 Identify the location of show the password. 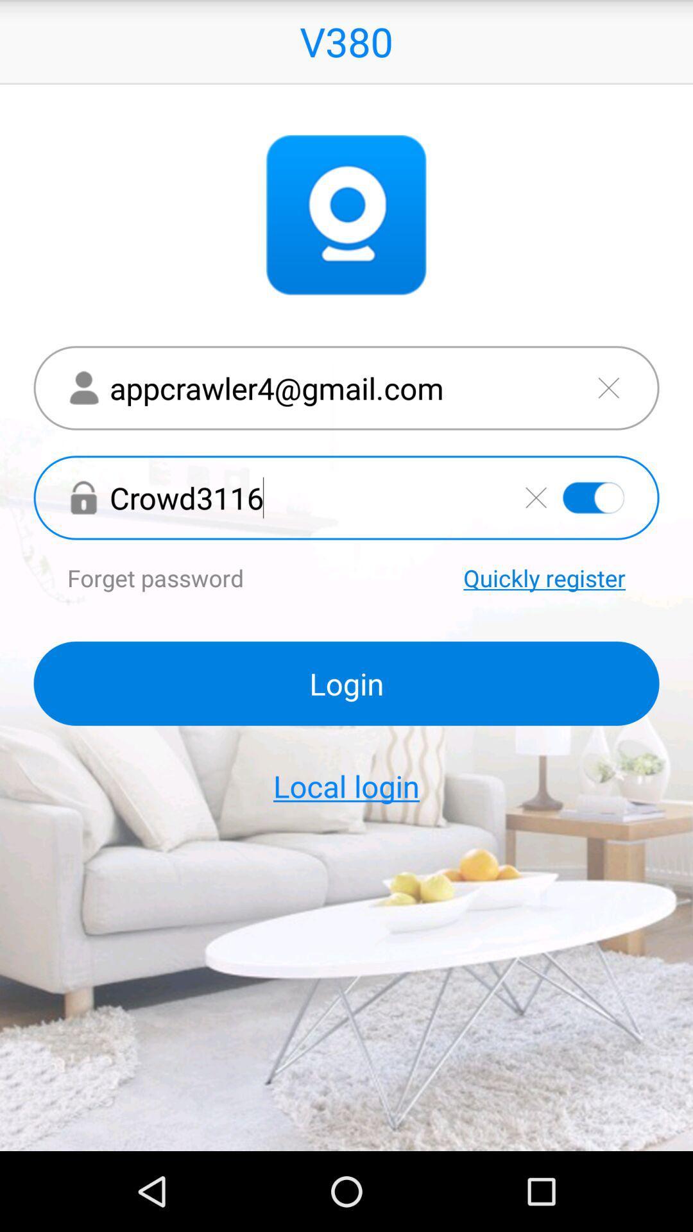
(594, 497).